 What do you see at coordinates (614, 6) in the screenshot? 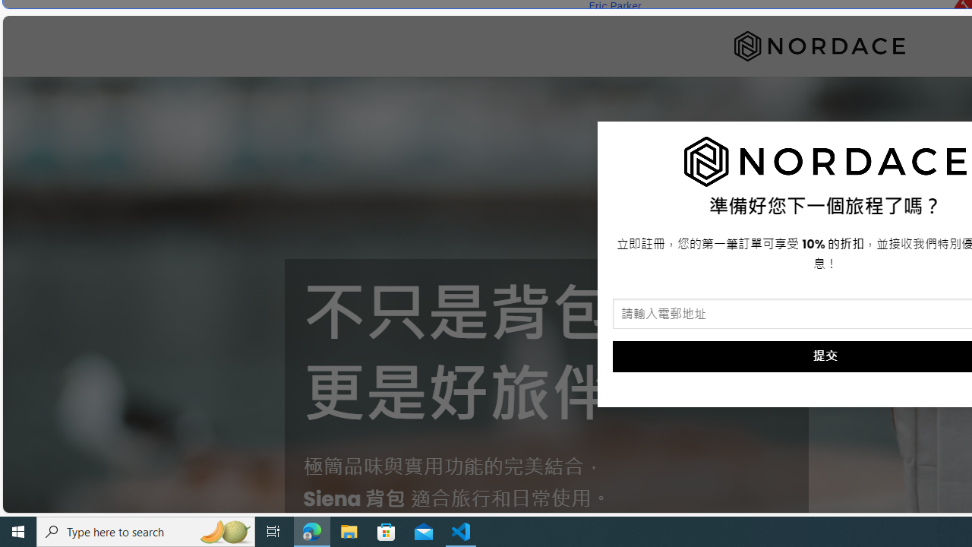
I see `'Eric Parker'` at bounding box center [614, 6].